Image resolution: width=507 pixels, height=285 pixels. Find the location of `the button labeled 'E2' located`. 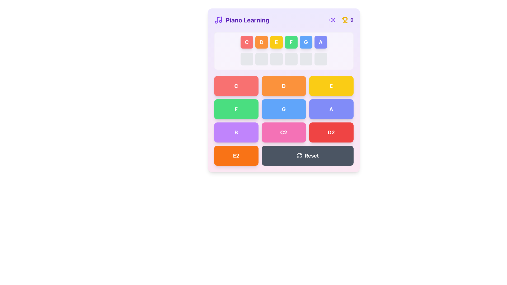

the button labeled 'E2' located is located at coordinates (236, 155).